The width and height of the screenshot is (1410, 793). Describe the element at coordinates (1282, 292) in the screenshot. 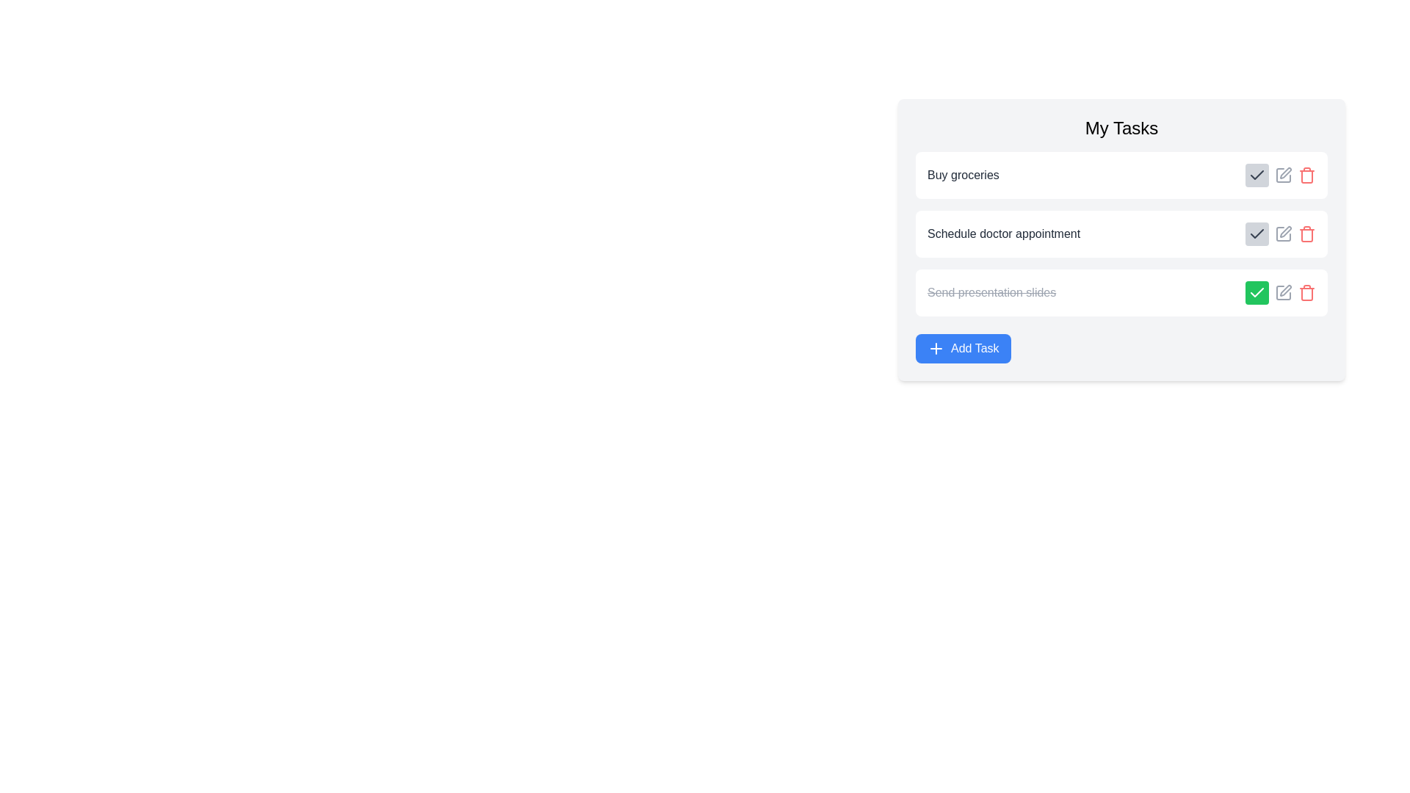

I see `the edit button for the task 'Send presentation slides' to edit its details` at that location.